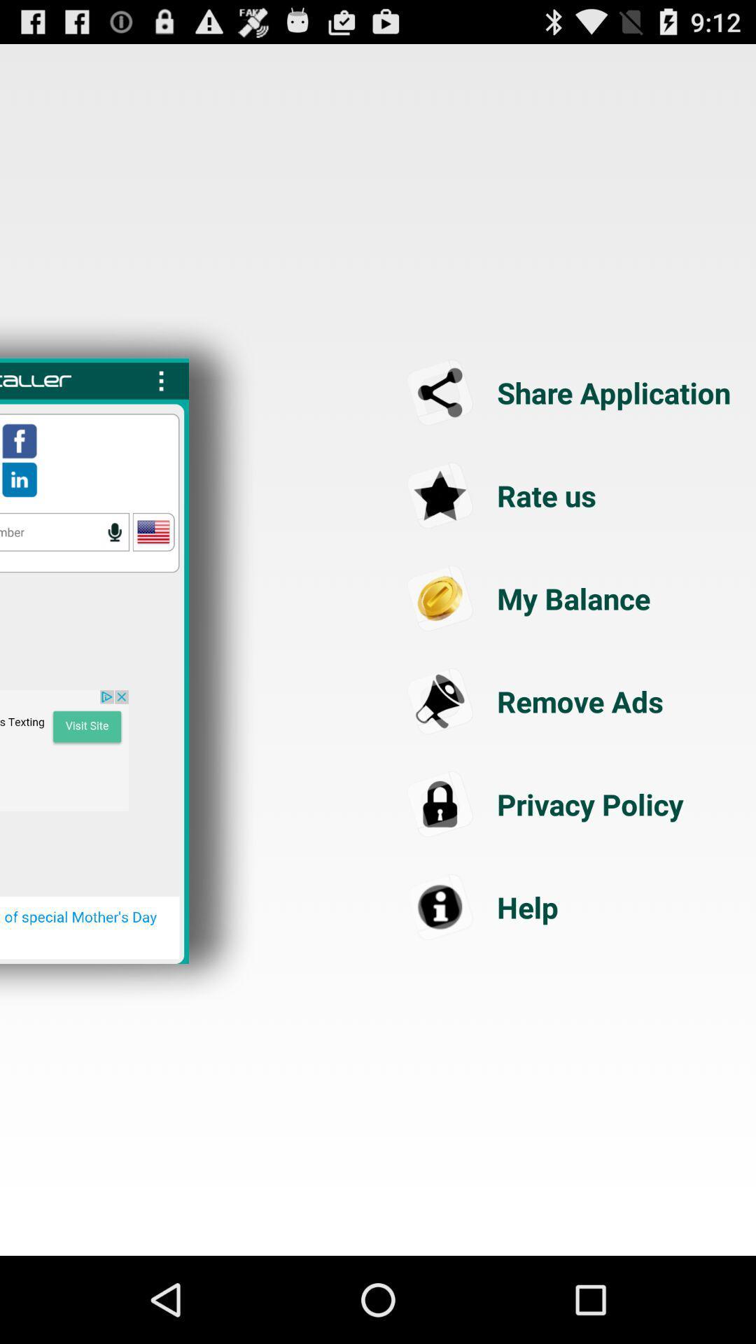  Describe the element at coordinates (153, 569) in the screenshot. I see `the national_flag icon` at that location.